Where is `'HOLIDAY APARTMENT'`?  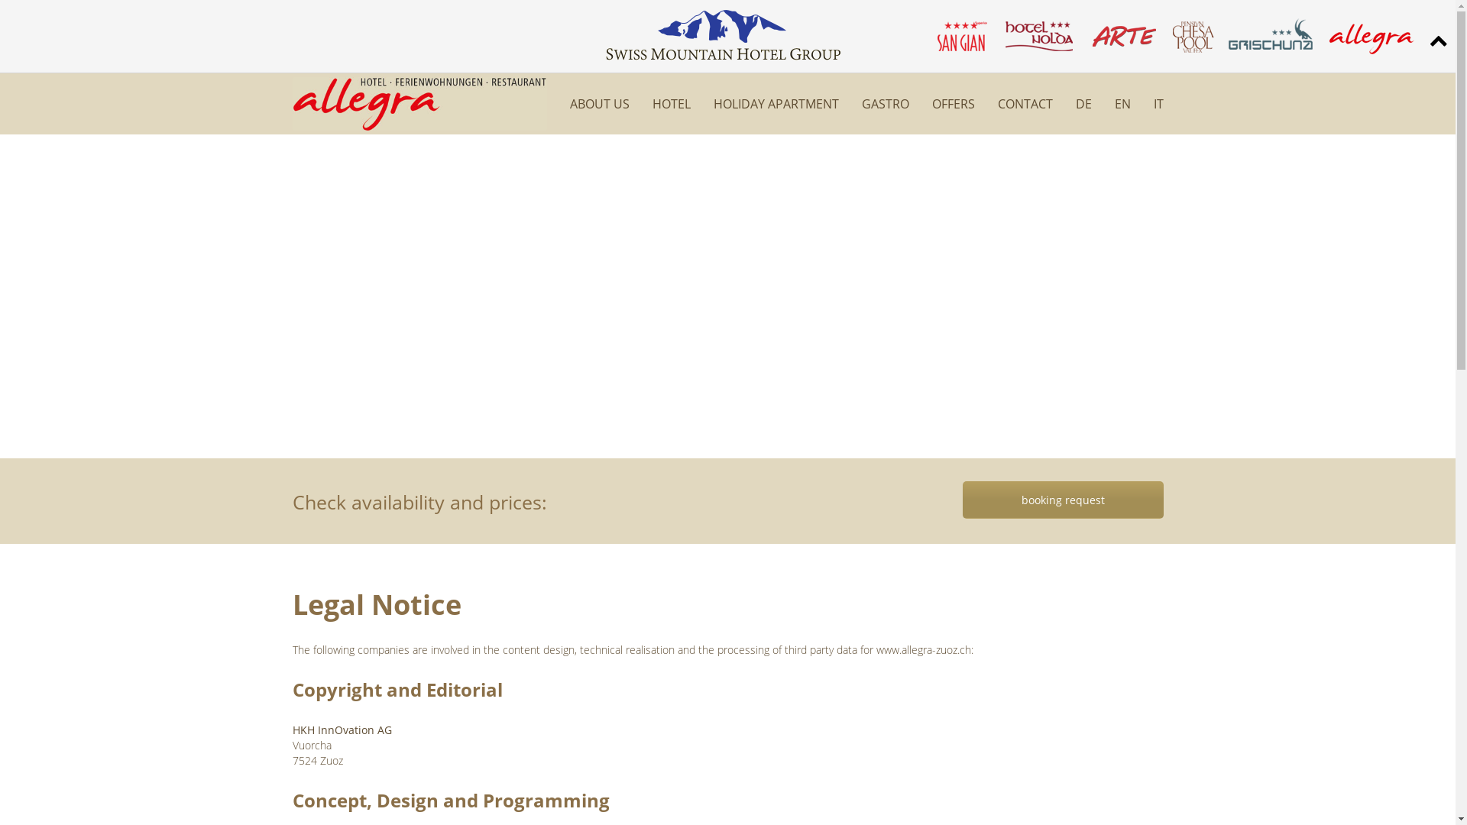
'HOLIDAY APARTMENT' is located at coordinates (776, 103).